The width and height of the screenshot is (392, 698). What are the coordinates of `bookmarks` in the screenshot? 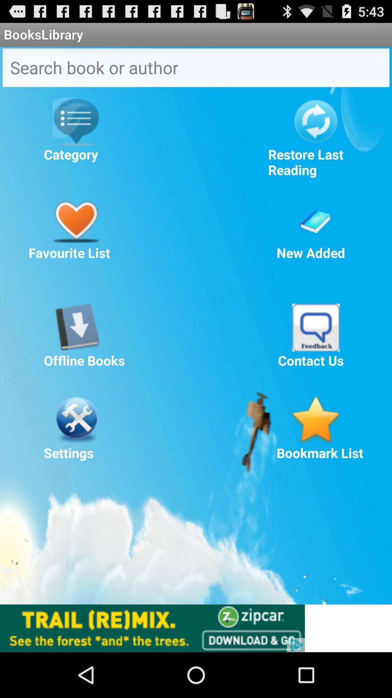 It's located at (315, 420).